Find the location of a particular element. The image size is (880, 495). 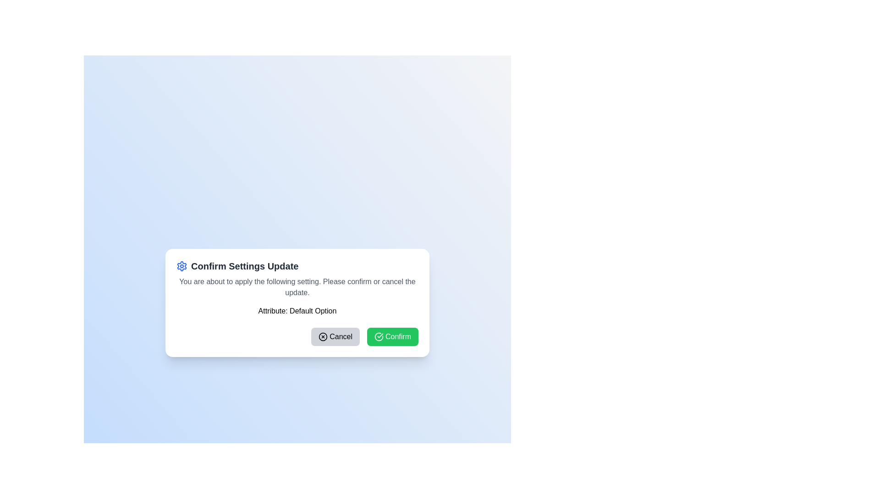

the decorative Icon that indicates settings or configuration options, located at the far left of the text 'Confirm Settings Update' in the modal view is located at coordinates (182, 266).